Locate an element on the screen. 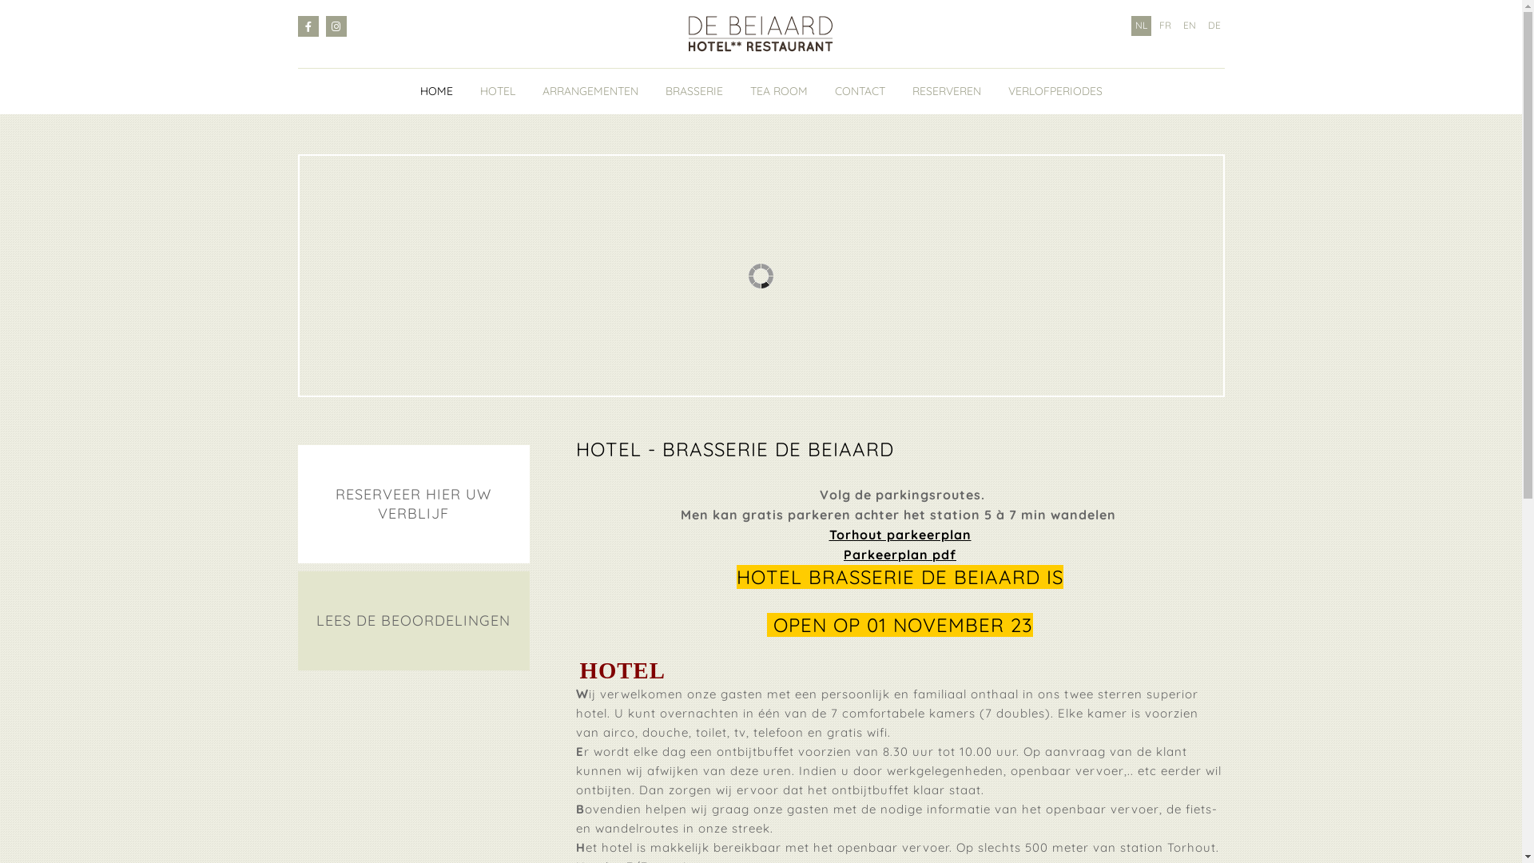 This screenshot has height=863, width=1534. 'NL' is located at coordinates (1131, 26).